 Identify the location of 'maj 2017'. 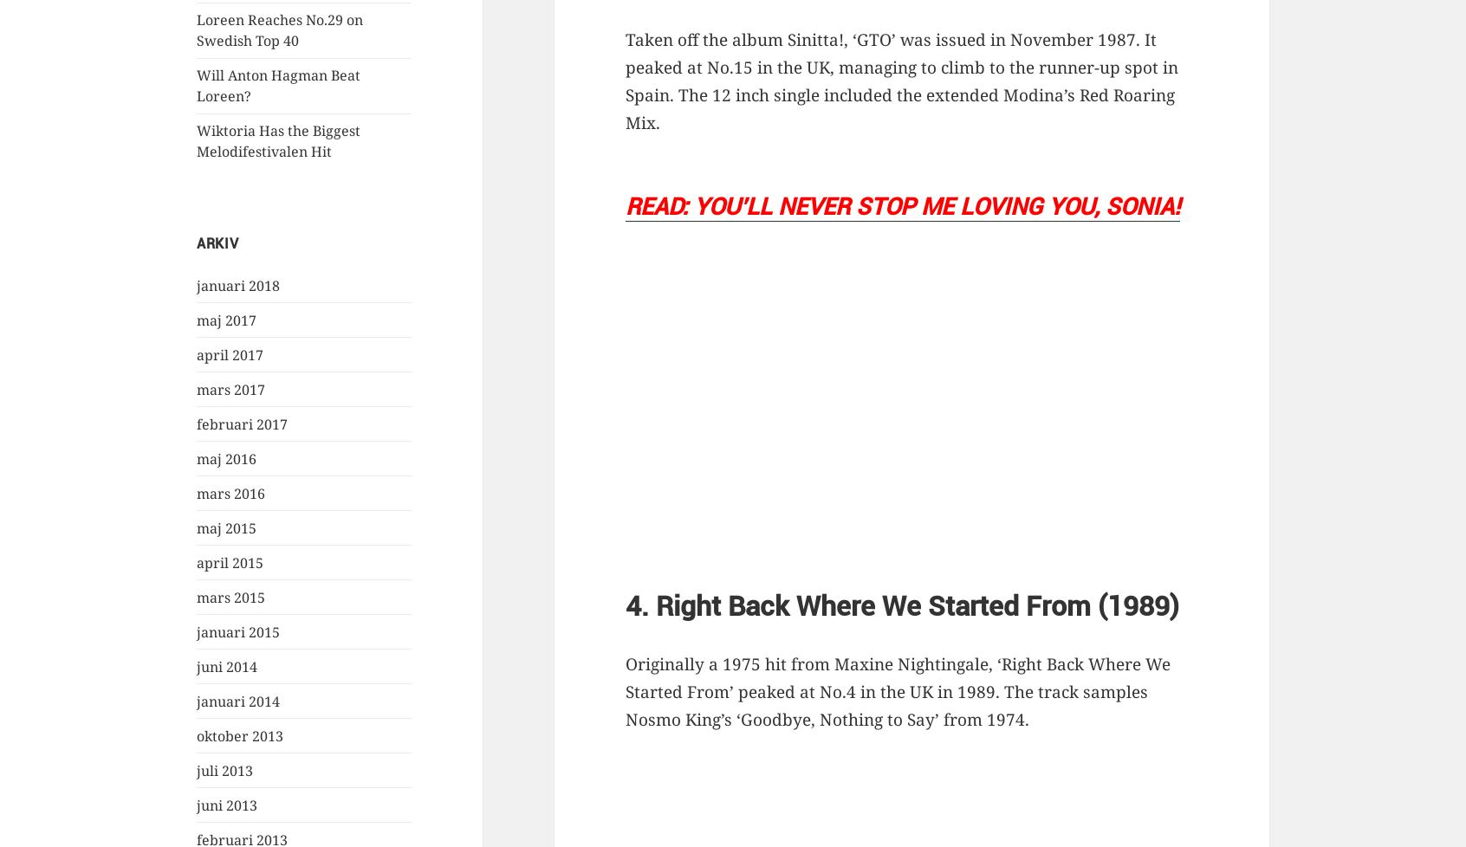
(197, 318).